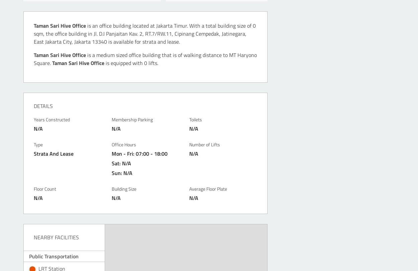 This screenshot has height=271, width=418. I want to click on 'Mon - Fri:
        07:00 - 18:00', so click(139, 153).